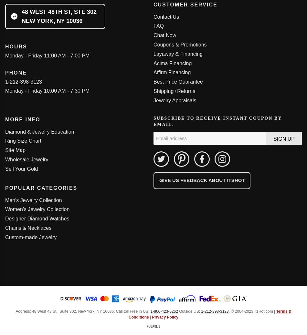 Image resolution: width=307 pixels, height=335 pixels. I want to click on 'Phone', so click(16, 72).